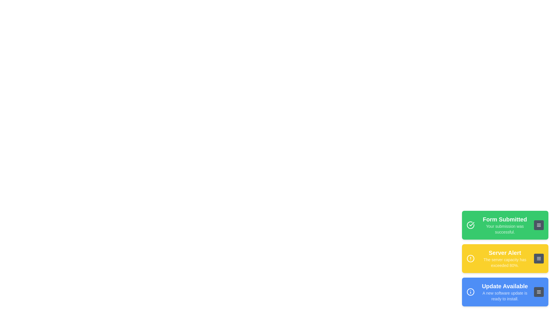  What do you see at coordinates (539, 225) in the screenshot?
I see `the close button of the notification to dismiss it` at bounding box center [539, 225].